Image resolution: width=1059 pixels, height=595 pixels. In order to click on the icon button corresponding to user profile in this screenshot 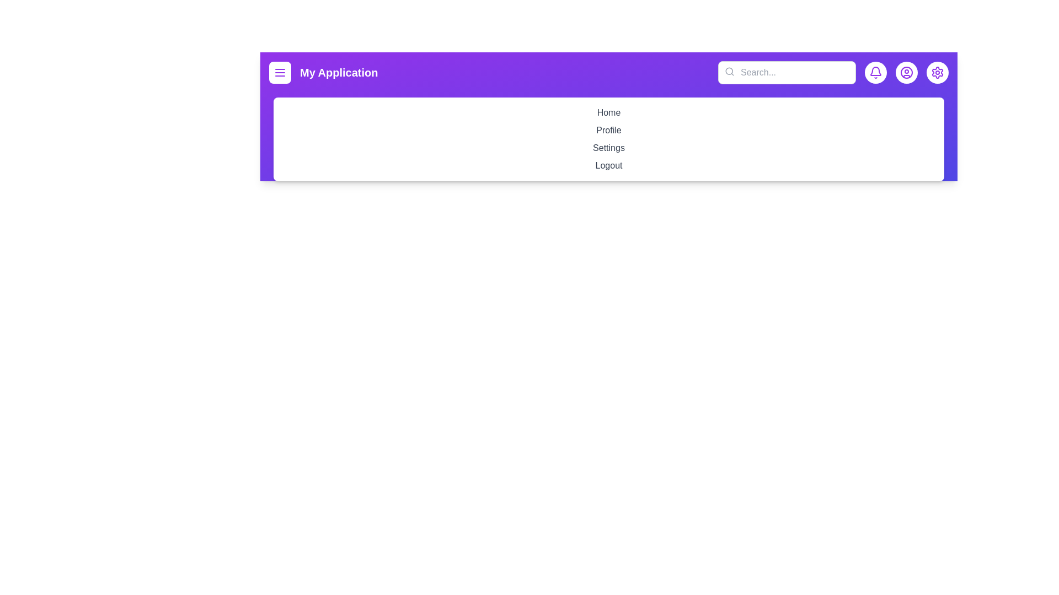, I will do `click(906, 72)`.